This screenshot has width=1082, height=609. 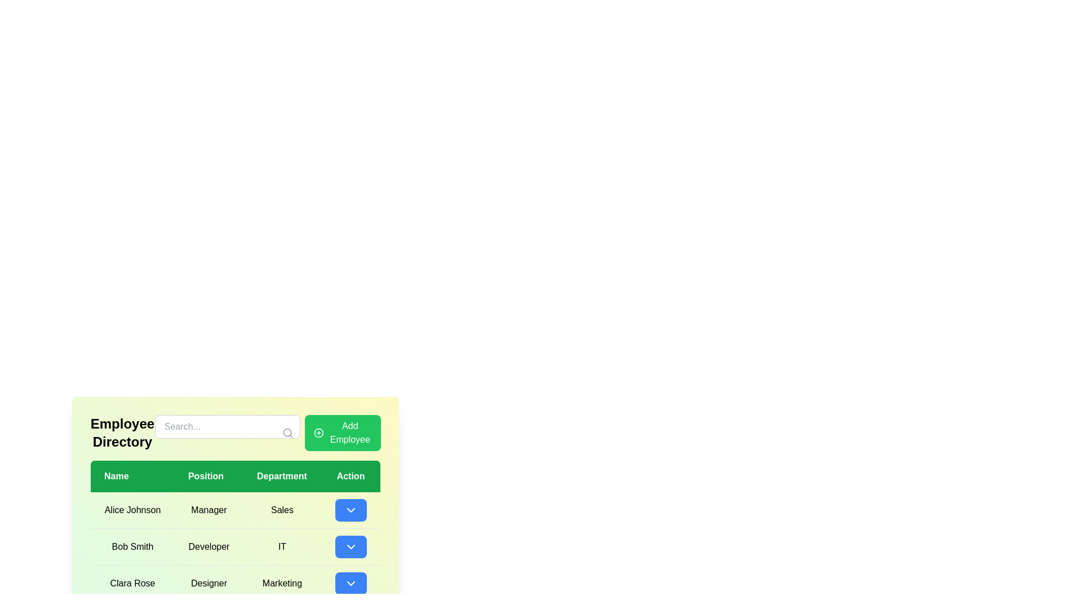 What do you see at coordinates (350, 546) in the screenshot?
I see `the dropdown indicator icon in the 'Action' column of the second row in the table` at bounding box center [350, 546].